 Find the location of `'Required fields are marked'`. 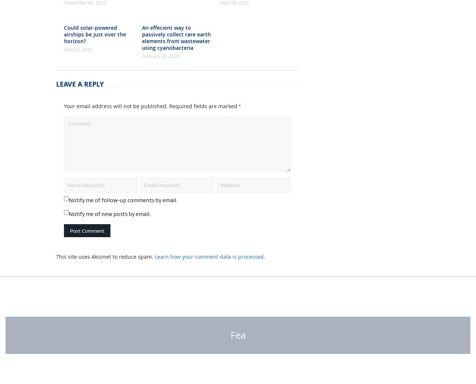

'Required fields are marked' is located at coordinates (204, 125).